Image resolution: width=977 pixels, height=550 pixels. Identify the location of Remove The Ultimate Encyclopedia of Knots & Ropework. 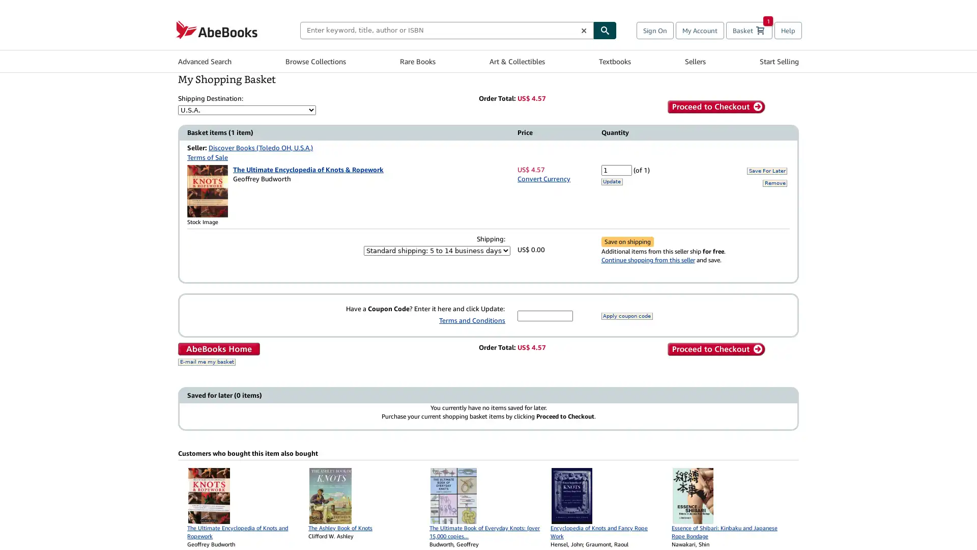
(774, 182).